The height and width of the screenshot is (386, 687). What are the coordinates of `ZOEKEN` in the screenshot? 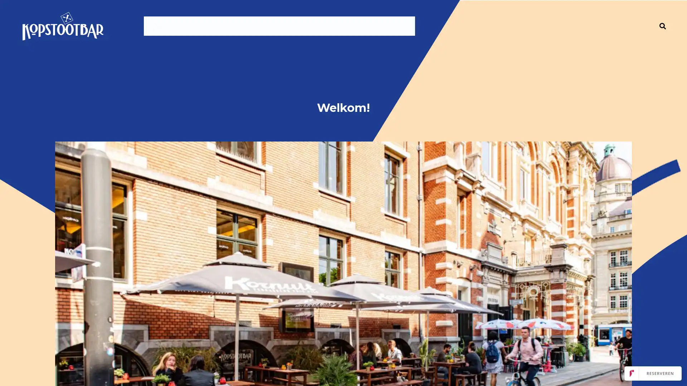 It's located at (662, 26).